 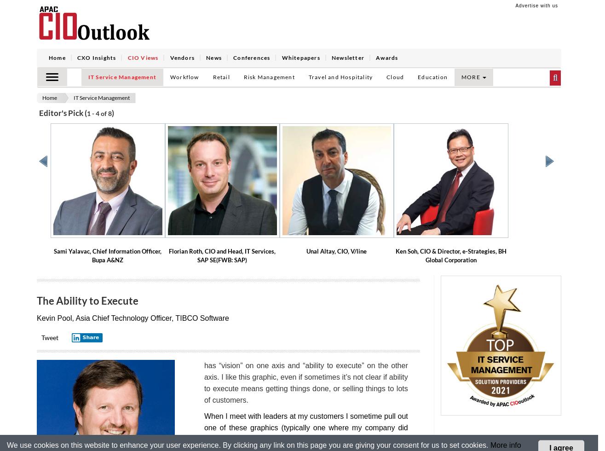 What do you see at coordinates (106, 113) in the screenshot?
I see `'of 8'` at bounding box center [106, 113].